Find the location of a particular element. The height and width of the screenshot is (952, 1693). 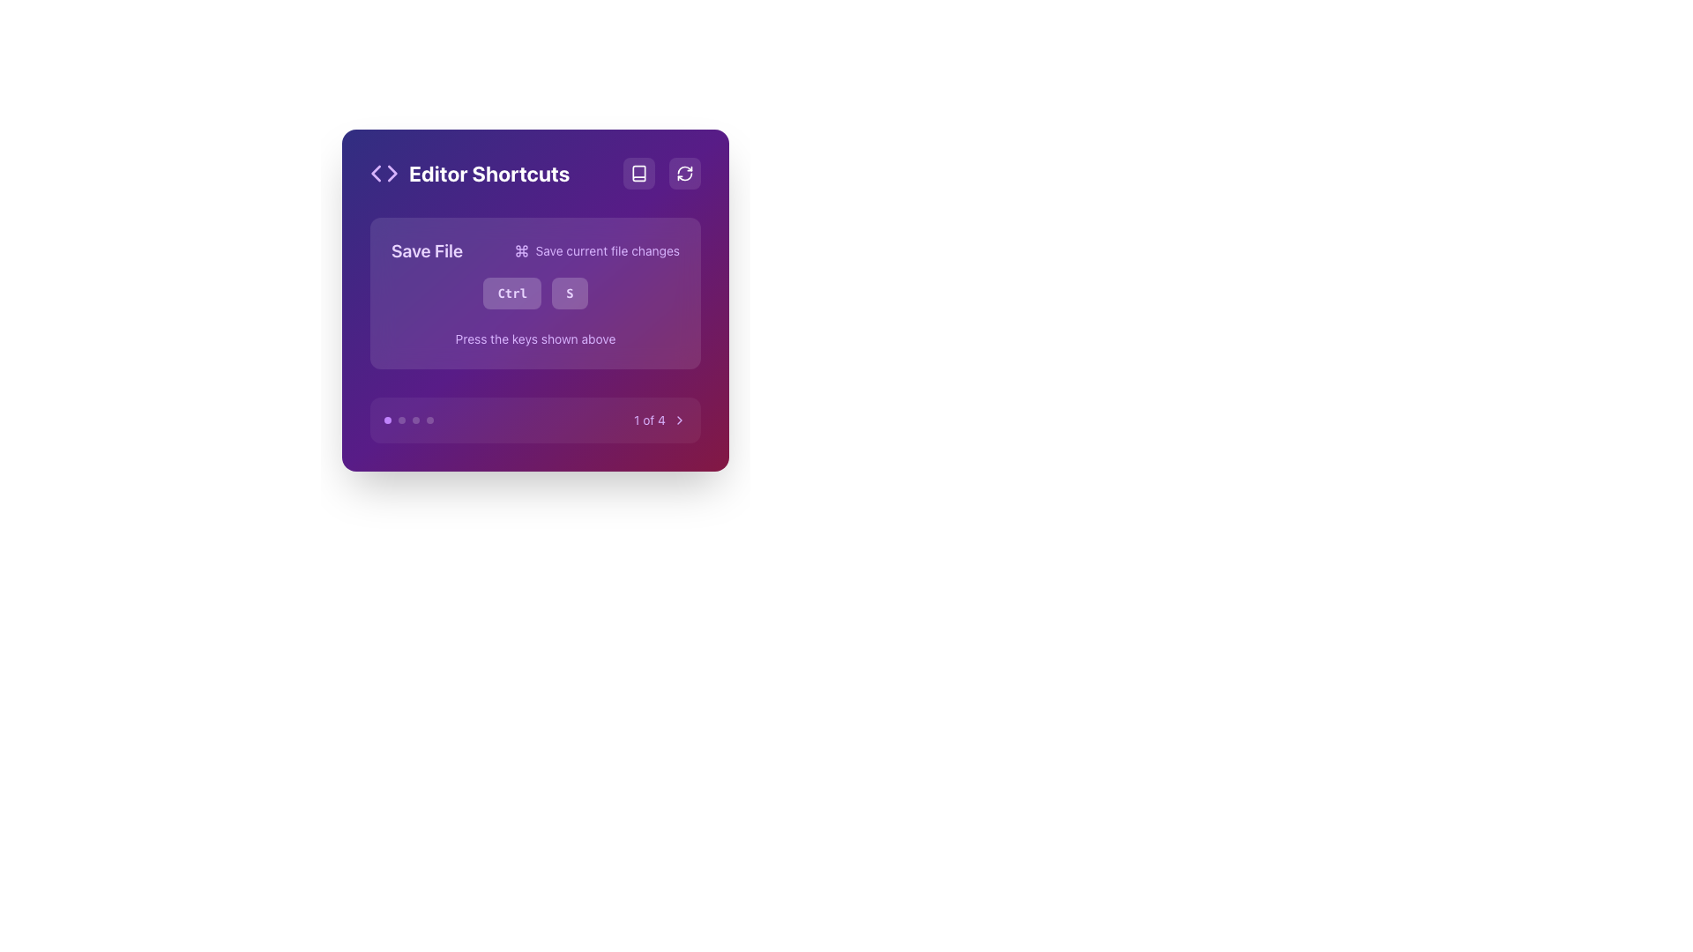

the first pagination dot located at the bottom of the card is located at coordinates (408, 420).